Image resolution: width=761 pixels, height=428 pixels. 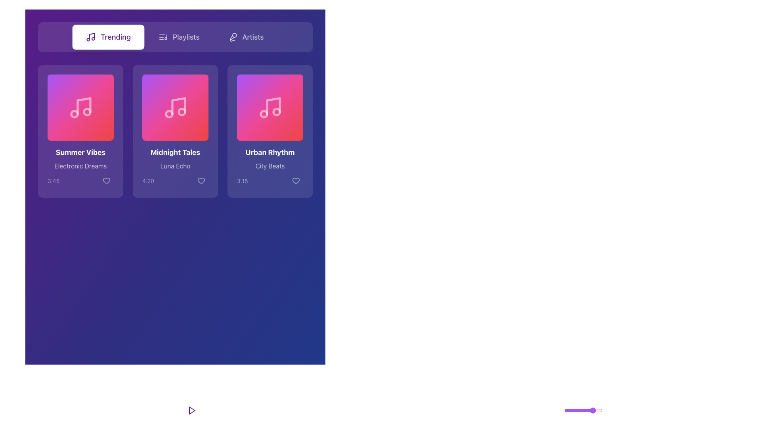 I want to click on the decorative icon representing a media or audio file on the 'Midnight Tales' card in the 'Trending' section, so click(x=176, y=107).